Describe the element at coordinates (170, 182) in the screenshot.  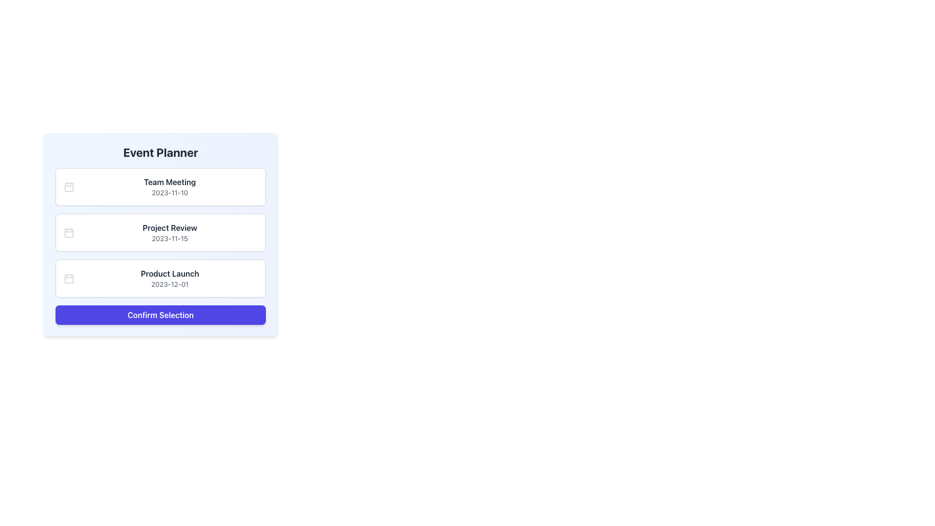
I see `the 'Team Meeting' text label element, which is styled in bold dark gray and located above the date '2023-11-10' in the 'Event Planner' panel` at that location.